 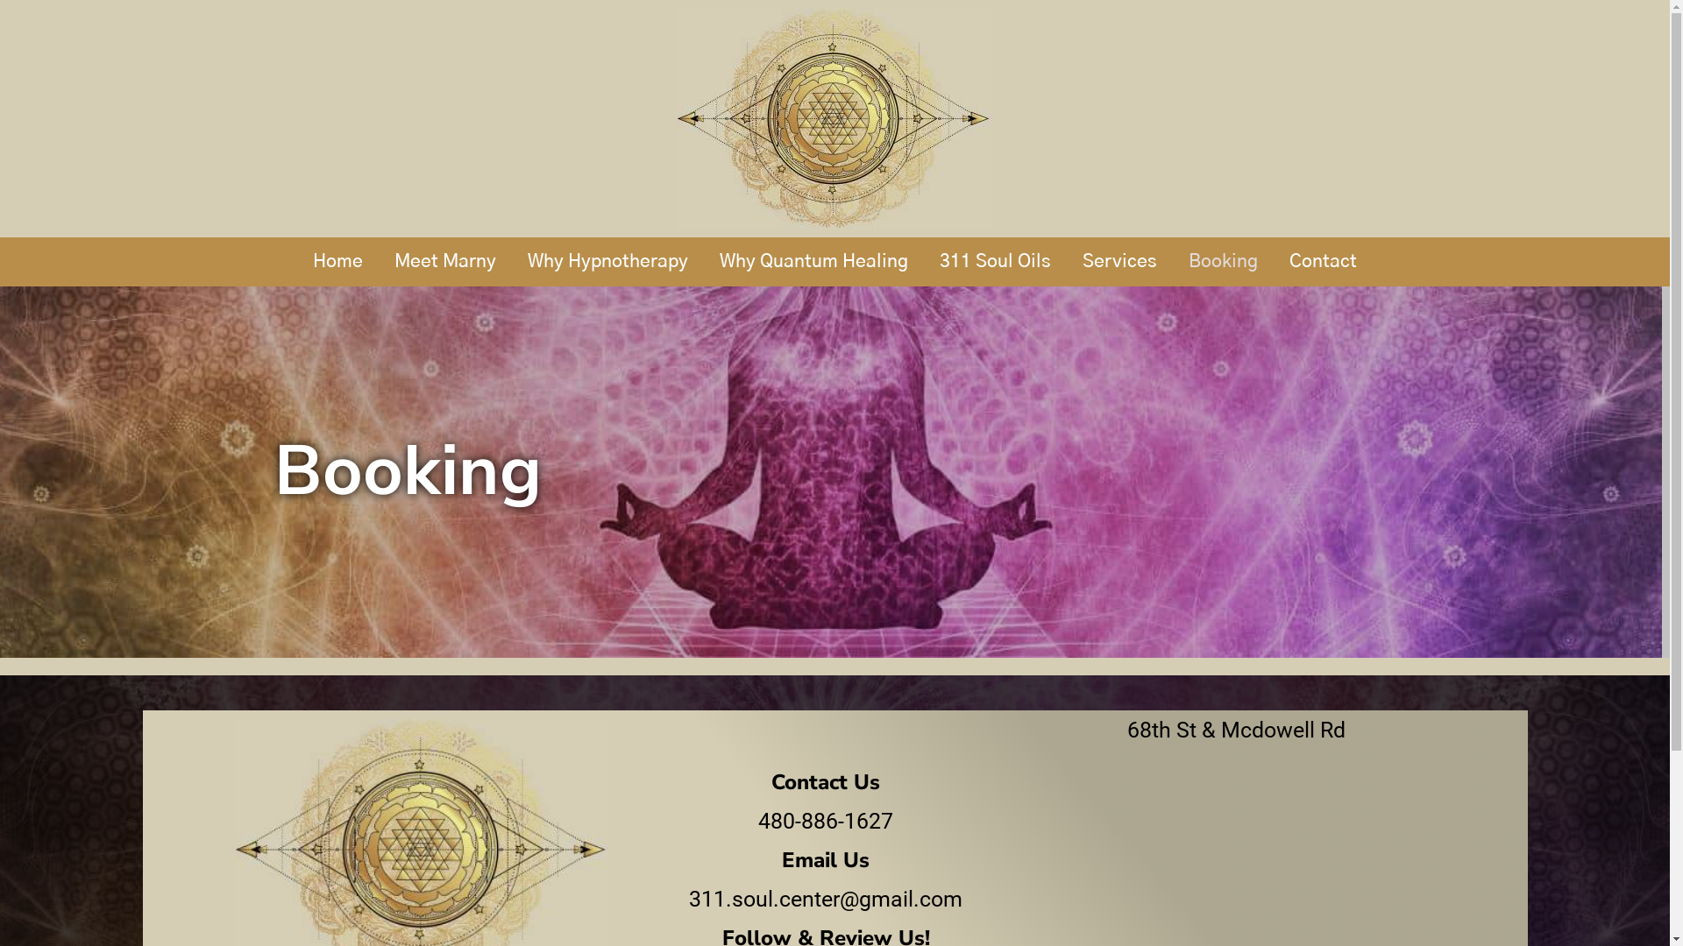 What do you see at coordinates (1323, 262) in the screenshot?
I see `'Contact'` at bounding box center [1323, 262].